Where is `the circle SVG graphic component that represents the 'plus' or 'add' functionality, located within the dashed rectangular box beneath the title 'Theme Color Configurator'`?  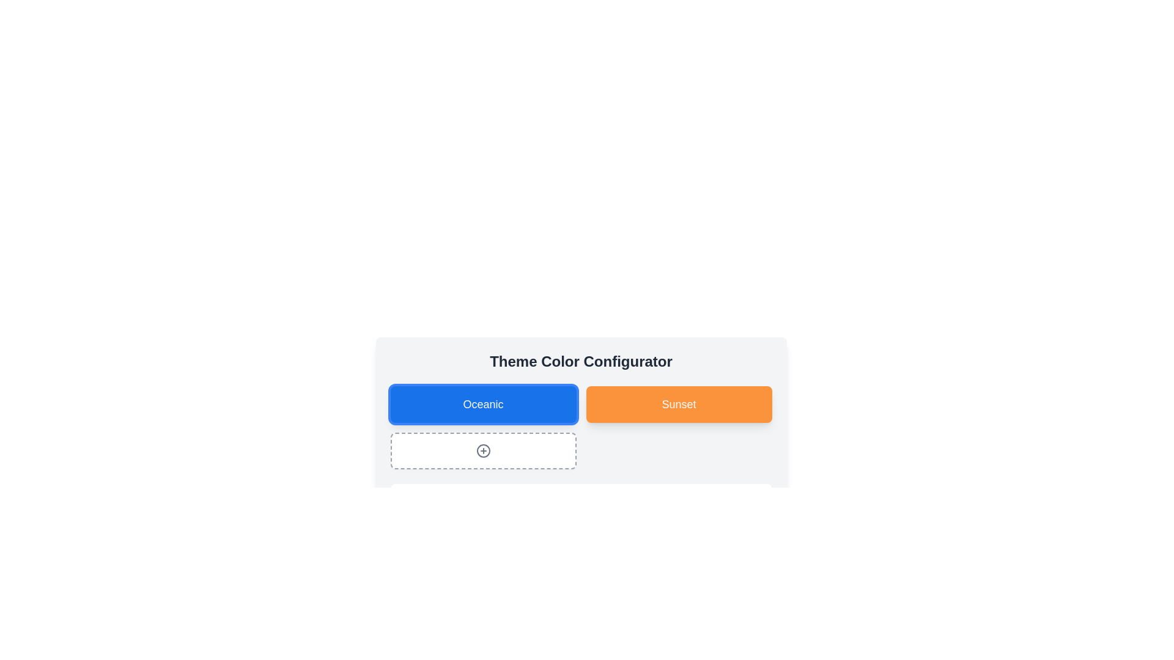
the circle SVG graphic component that represents the 'plus' or 'add' functionality, located within the dashed rectangular box beneath the title 'Theme Color Configurator' is located at coordinates (482, 450).